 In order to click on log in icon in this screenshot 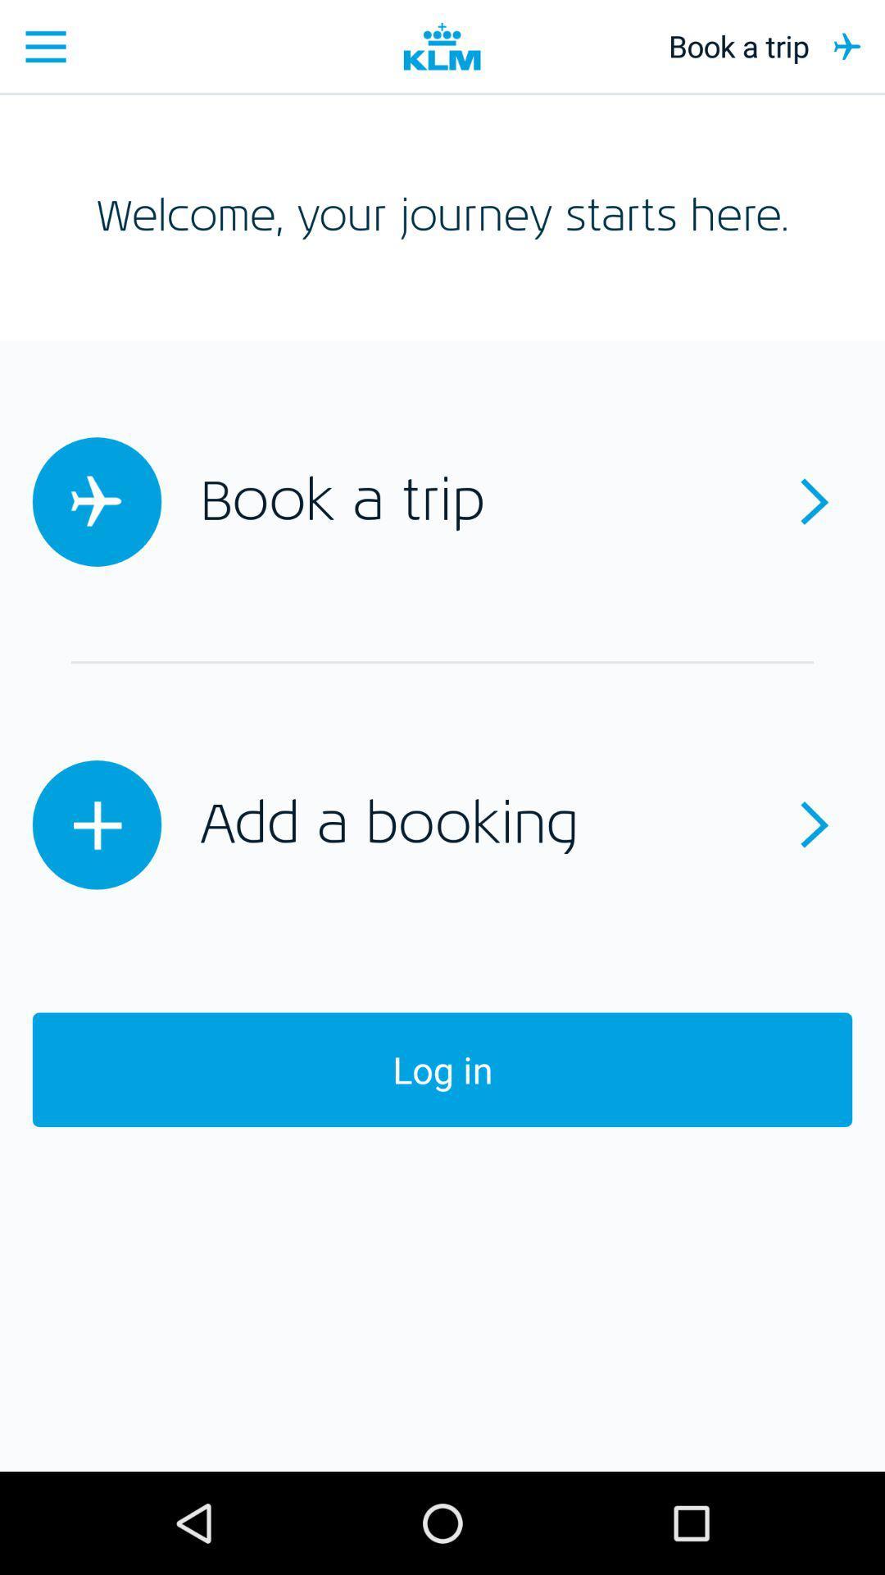, I will do `click(442, 1070)`.